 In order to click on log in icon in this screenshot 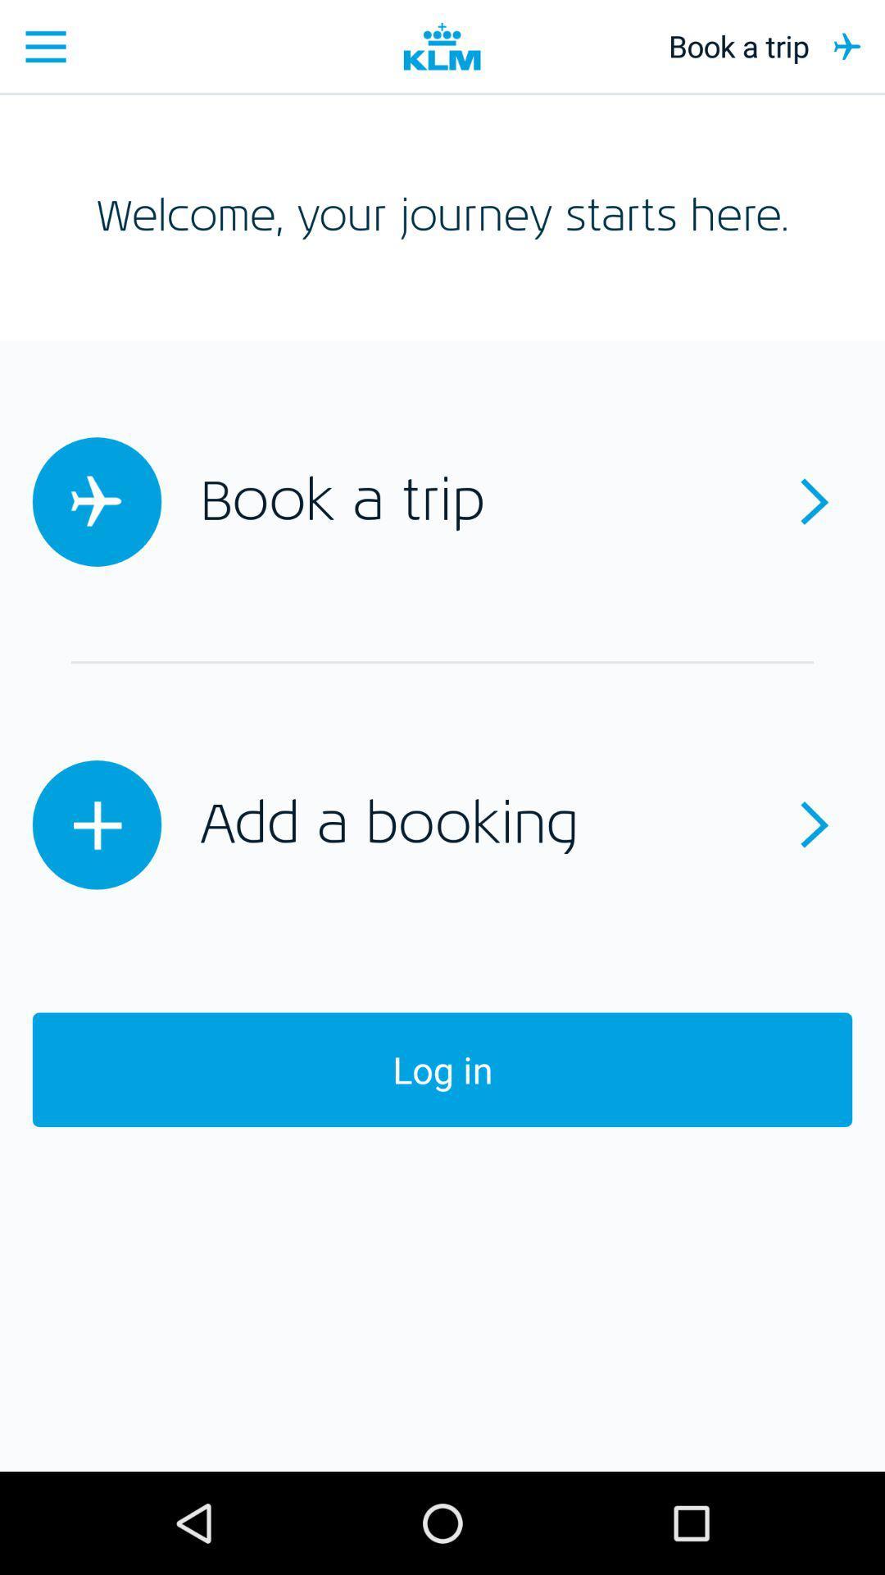, I will do `click(442, 1070)`.